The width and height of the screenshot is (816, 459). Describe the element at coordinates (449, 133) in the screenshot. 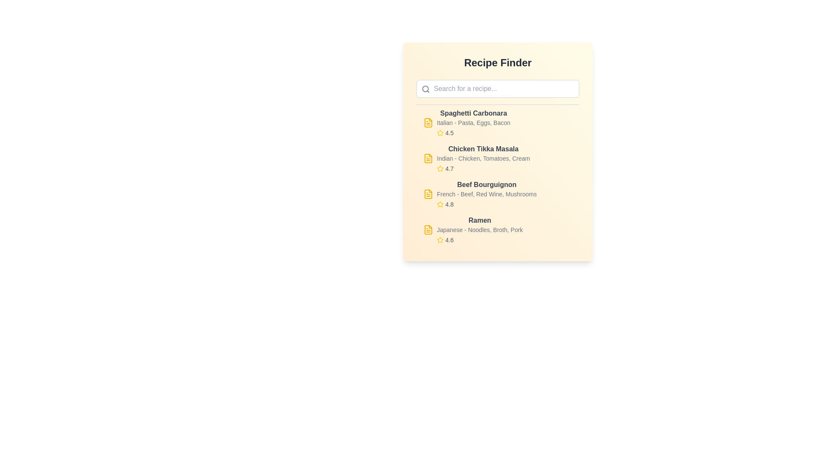

I see `the static text element displaying the rating value '4.5', which is styled with a smaller font size and gray color, located to the right of the star icon in the 'Recipe Finder' list under the title 'Spaghetti Carbonara'` at that location.